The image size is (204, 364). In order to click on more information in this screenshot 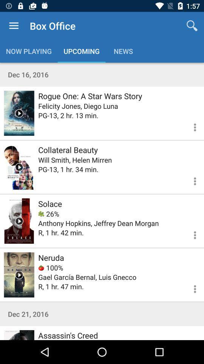, I will do `click(190, 234)`.